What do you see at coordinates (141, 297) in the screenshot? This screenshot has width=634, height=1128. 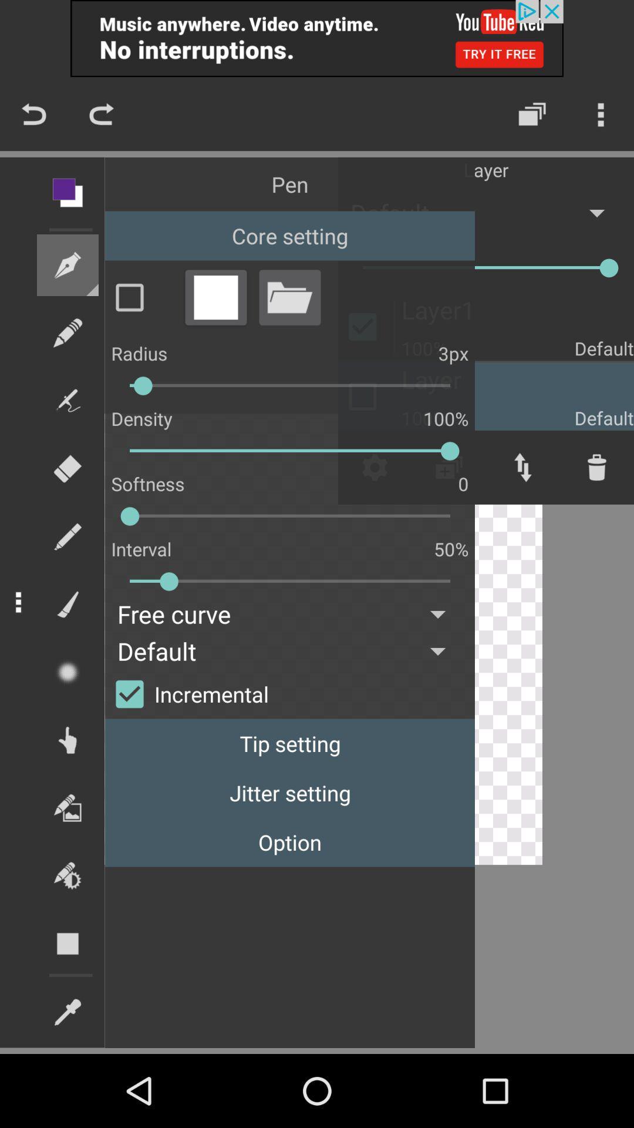 I see `confirm settings` at bounding box center [141, 297].